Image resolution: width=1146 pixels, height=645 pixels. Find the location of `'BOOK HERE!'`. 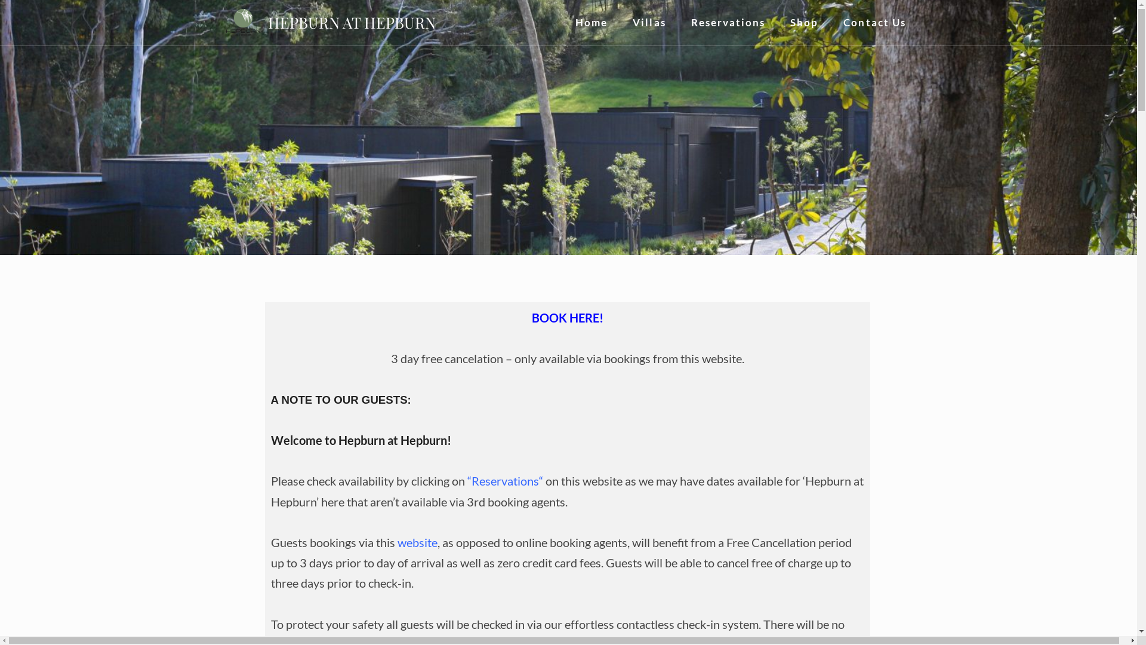

'BOOK HERE!' is located at coordinates (531, 317).